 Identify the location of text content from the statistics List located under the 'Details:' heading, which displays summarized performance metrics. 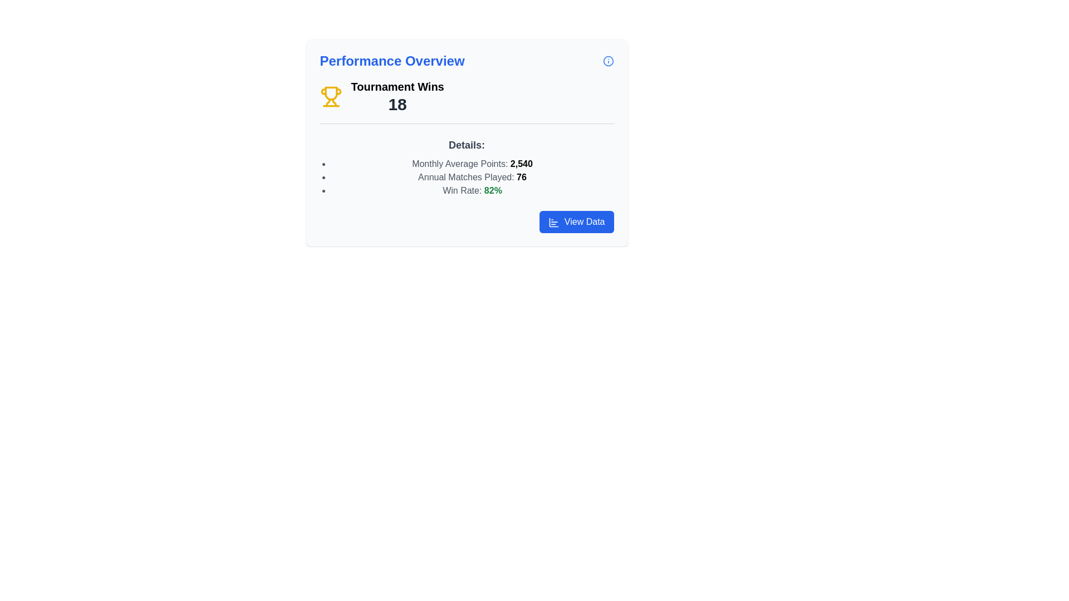
(467, 177).